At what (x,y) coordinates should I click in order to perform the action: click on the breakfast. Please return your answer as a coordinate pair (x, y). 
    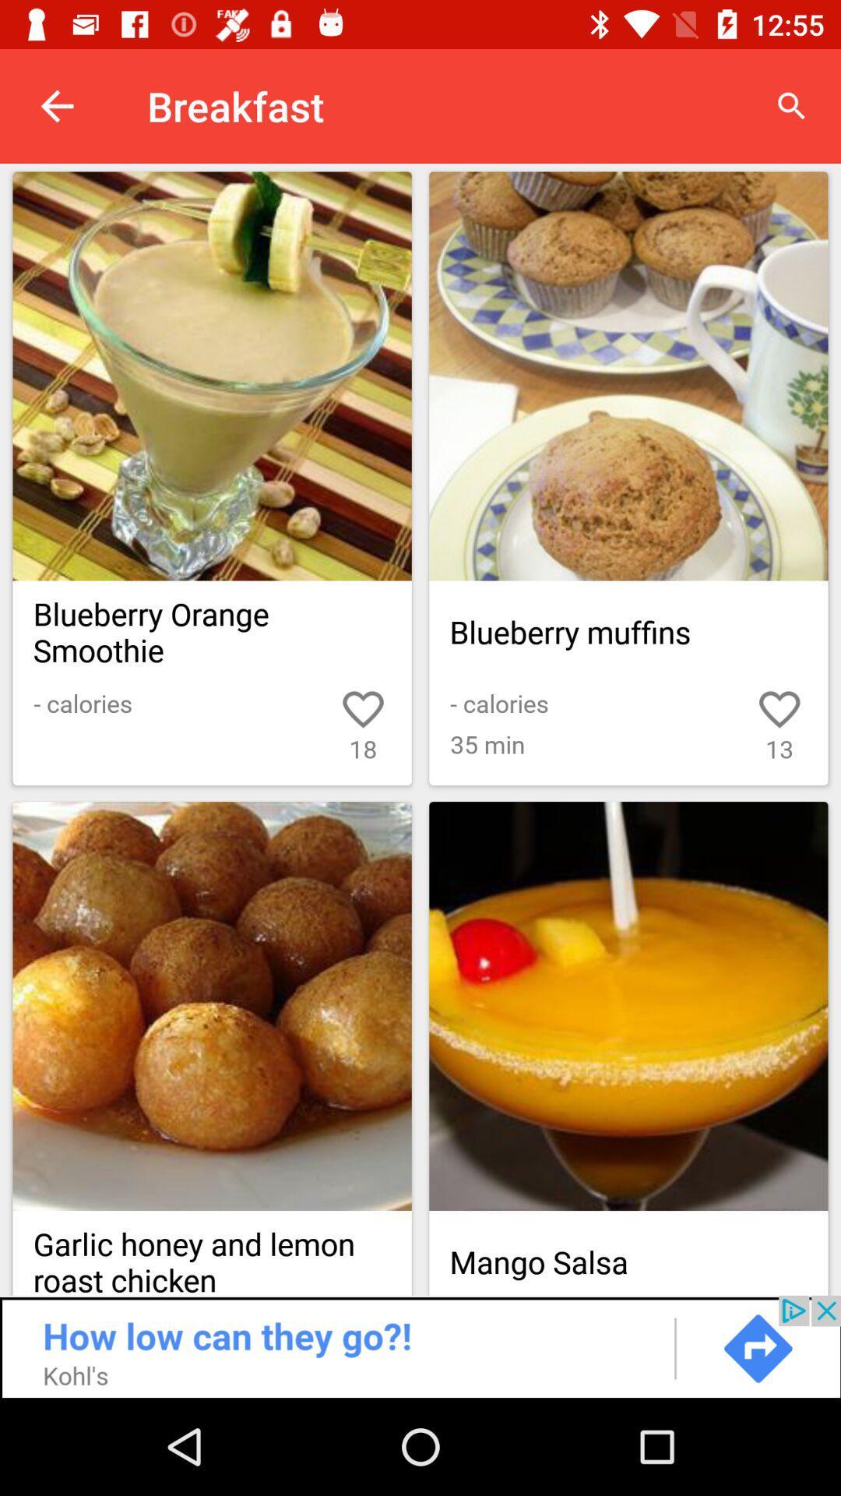
    Looking at the image, I should click on (628, 376).